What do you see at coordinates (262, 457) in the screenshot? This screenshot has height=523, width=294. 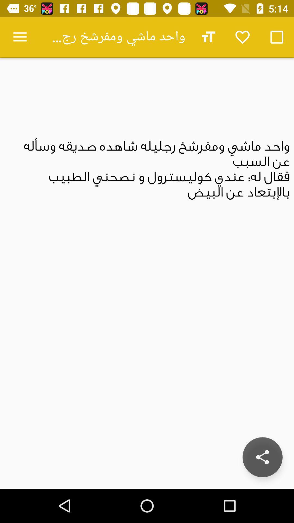 I see `the share icon` at bounding box center [262, 457].